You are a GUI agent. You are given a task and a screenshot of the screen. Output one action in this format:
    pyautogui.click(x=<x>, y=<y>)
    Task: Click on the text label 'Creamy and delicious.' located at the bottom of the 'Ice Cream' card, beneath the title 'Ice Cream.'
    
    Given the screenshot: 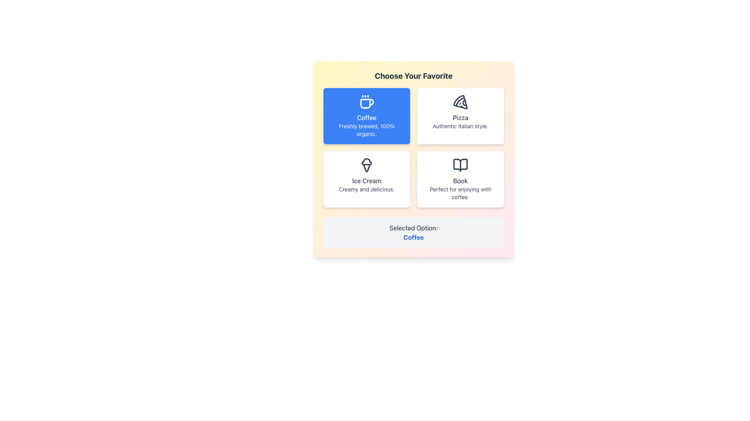 What is the action you would take?
    pyautogui.click(x=366, y=189)
    